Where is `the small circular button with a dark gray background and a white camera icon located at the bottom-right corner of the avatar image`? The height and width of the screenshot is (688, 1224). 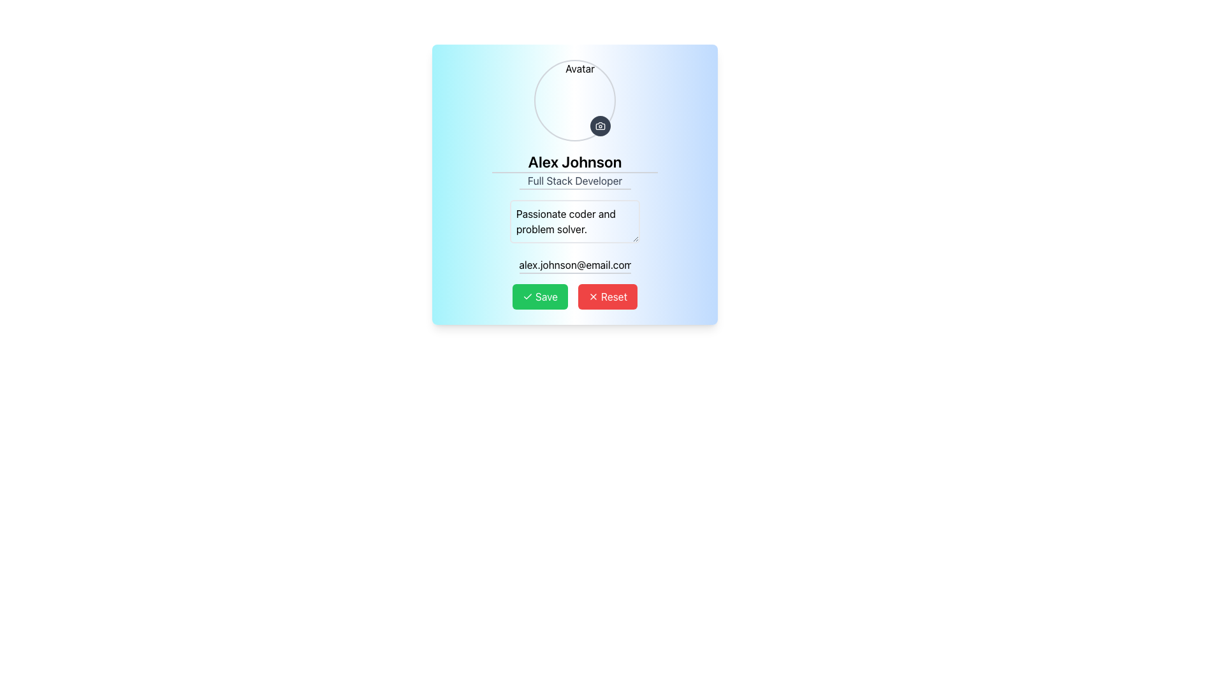 the small circular button with a dark gray background and a white camera icon located at the bottom-right corner of the avatar image is located at coordinates (599, 125).